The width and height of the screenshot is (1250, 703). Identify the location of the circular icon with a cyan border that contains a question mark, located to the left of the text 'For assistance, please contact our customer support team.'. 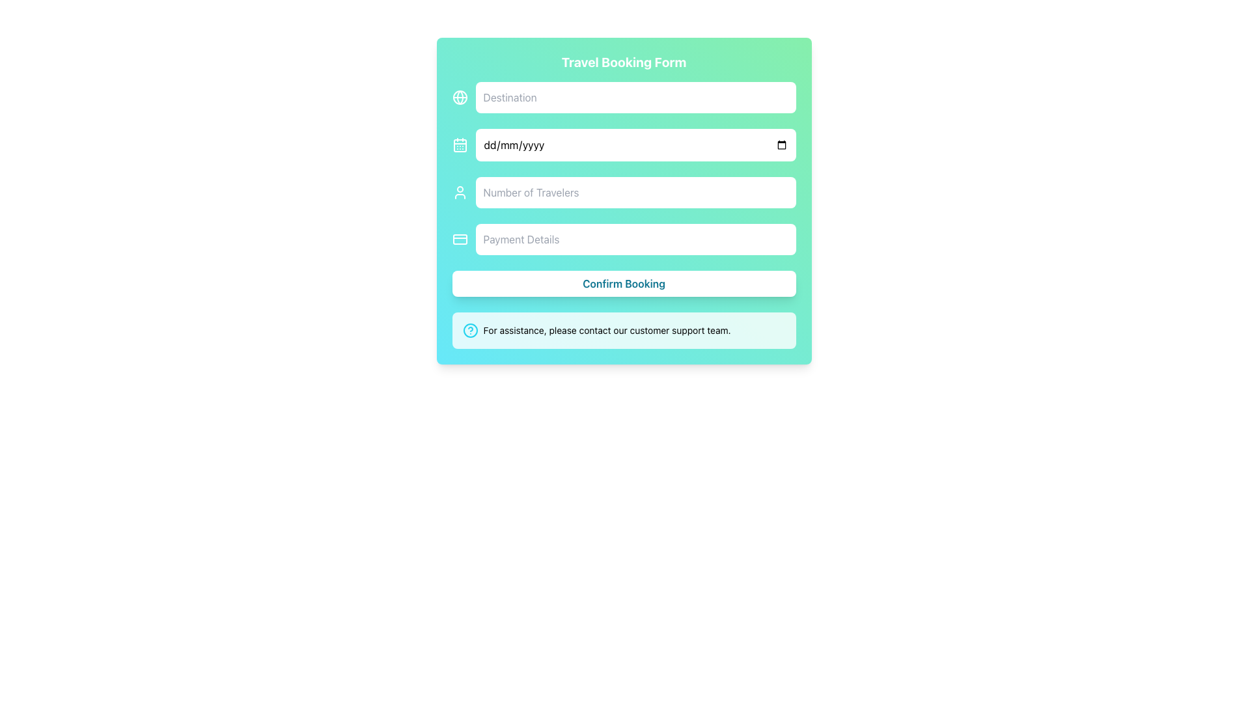
(469, 330).